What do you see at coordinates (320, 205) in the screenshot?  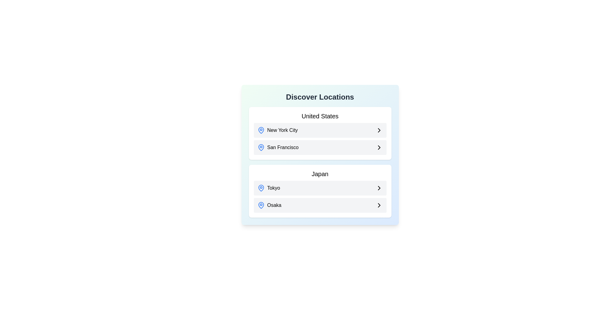 I see `the second List Item Button under the 'Japan' category representing 'Osaka'` at bounding box center [320, 205].